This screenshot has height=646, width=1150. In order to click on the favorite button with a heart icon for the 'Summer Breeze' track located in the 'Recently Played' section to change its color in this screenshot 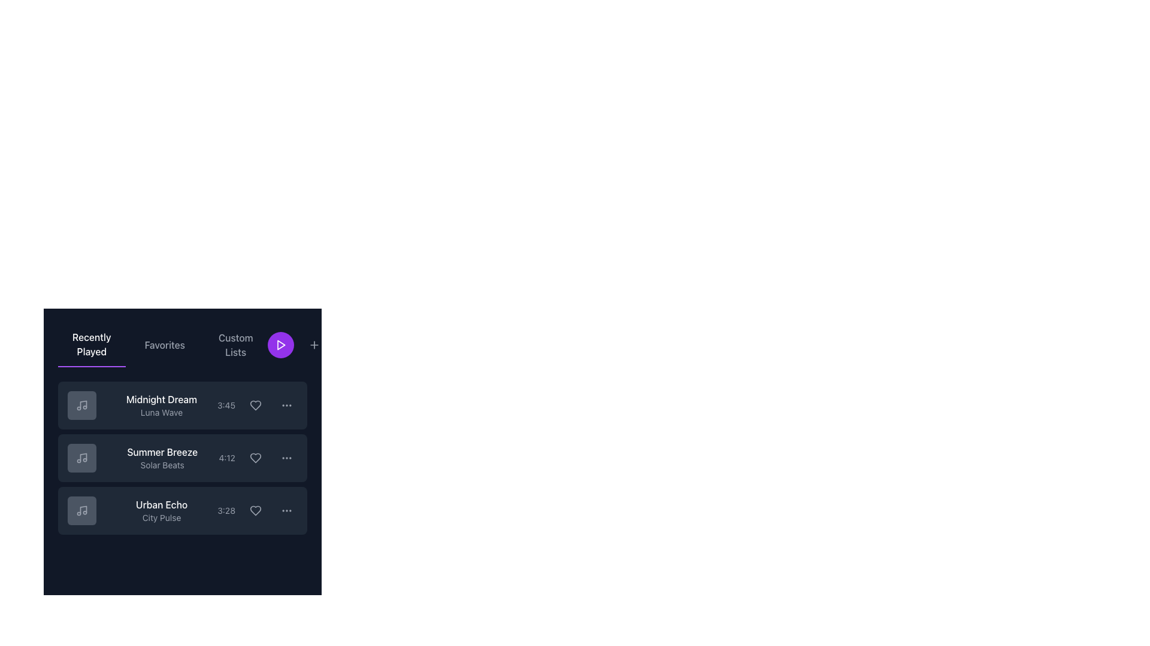, I will do `click(255, 458)`.